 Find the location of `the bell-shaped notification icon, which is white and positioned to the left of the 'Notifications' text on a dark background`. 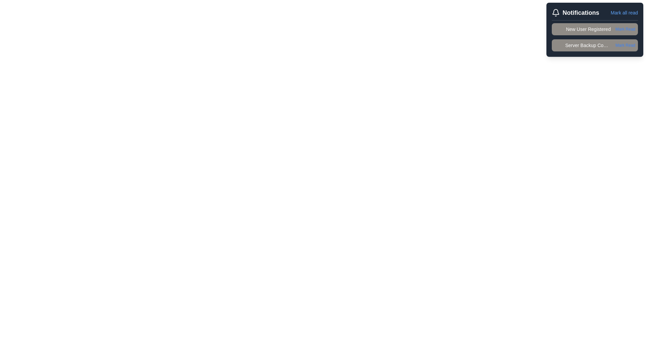

the bell-shaped notification icon, which is white and positioned to the left of the 'Notifications' text on a dark background is located at coordinates (555, 13).